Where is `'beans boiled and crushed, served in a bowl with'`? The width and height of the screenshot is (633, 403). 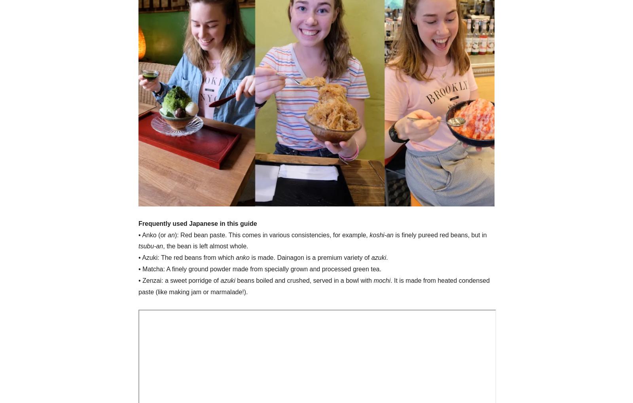 'beans boiled and crushed, served in a bowl with' is located at coordinates (304, 280).